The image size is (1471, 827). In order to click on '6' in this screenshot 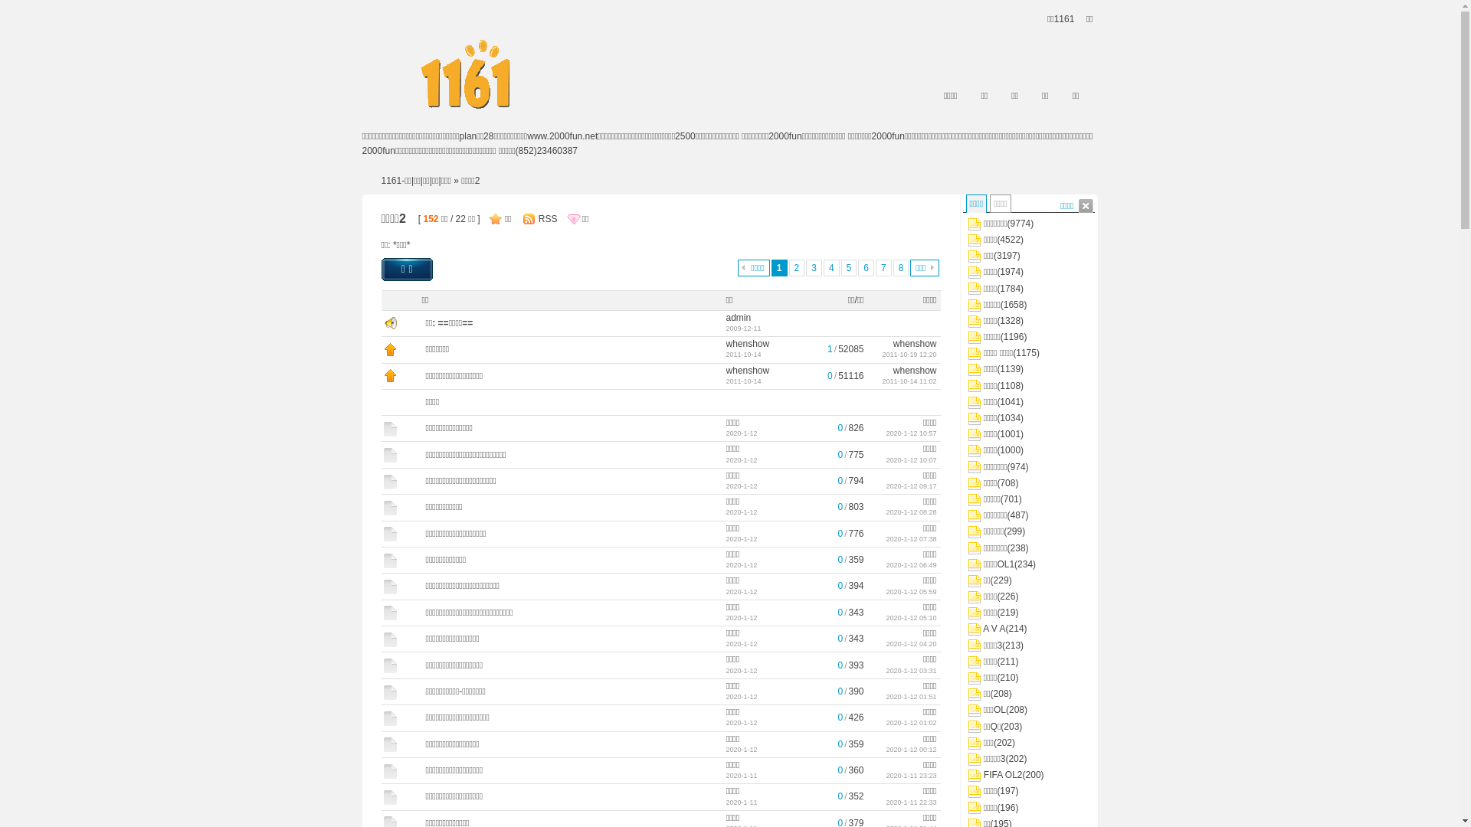, I will do `click(866, 267)`.